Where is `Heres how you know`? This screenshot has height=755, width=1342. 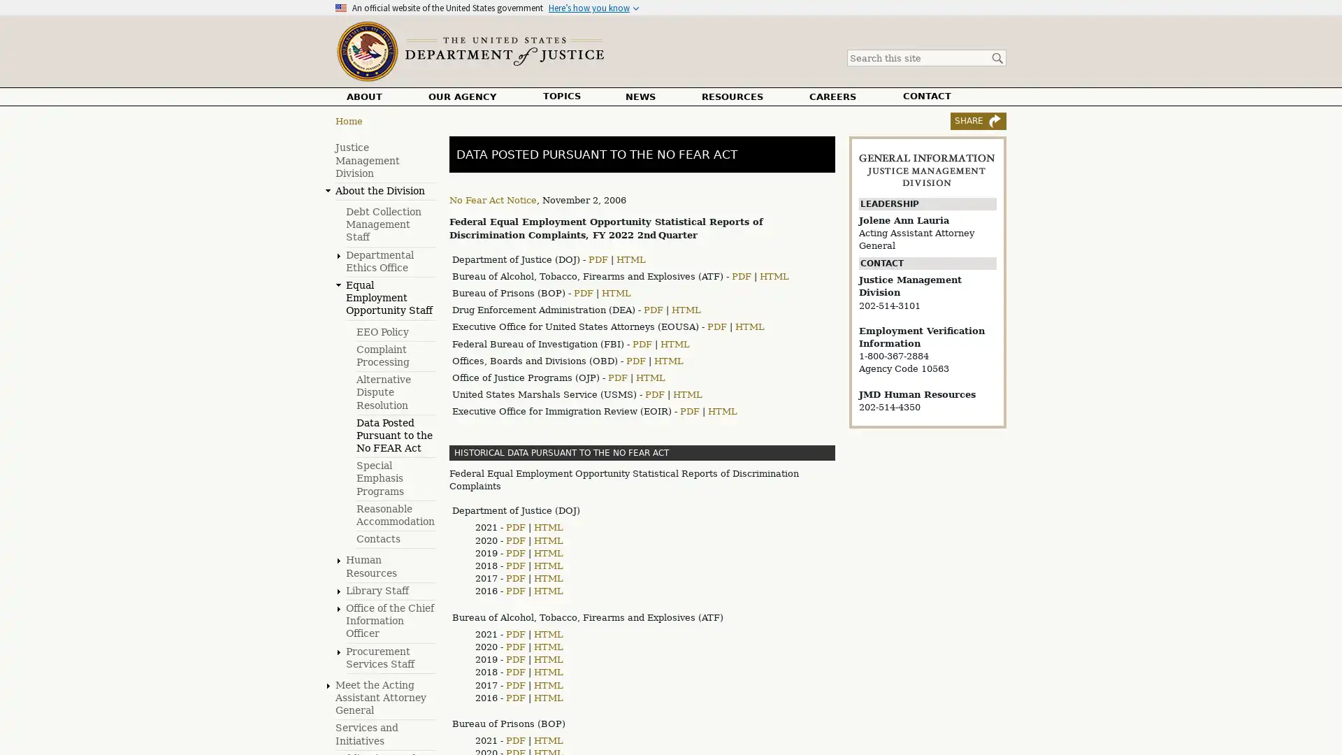 Heres how you know is located at coordinates (593, 8).